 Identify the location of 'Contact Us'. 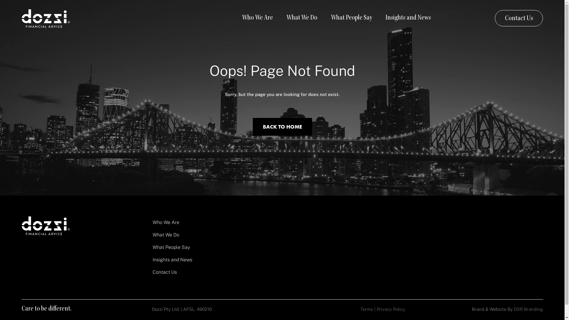
(519, 18).